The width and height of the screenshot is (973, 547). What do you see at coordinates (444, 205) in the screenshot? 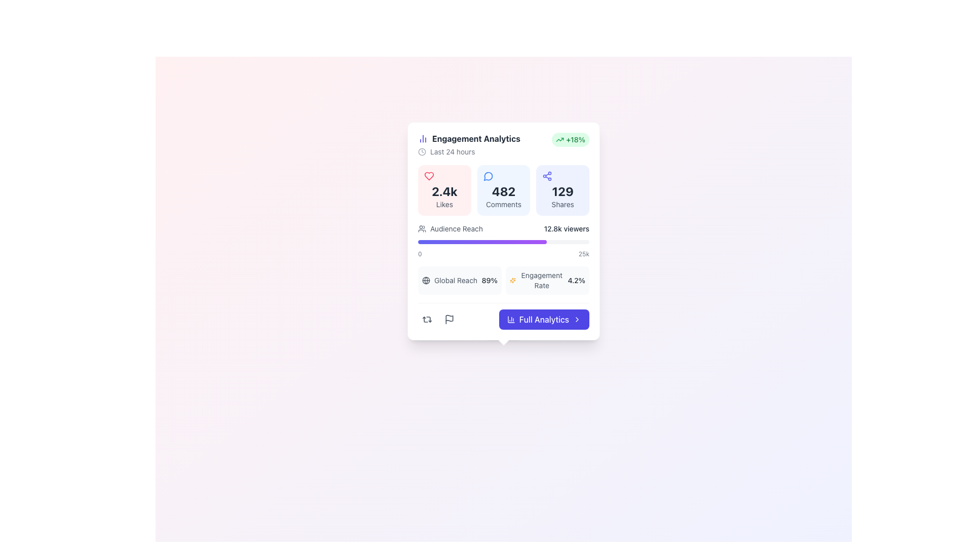
I see `the 'Likes' text label, which is styled in a light gray small font and positioned beneath the bolded counter '2.4k' in the bottom-left group of the panel` at bounding box center [444, 205].